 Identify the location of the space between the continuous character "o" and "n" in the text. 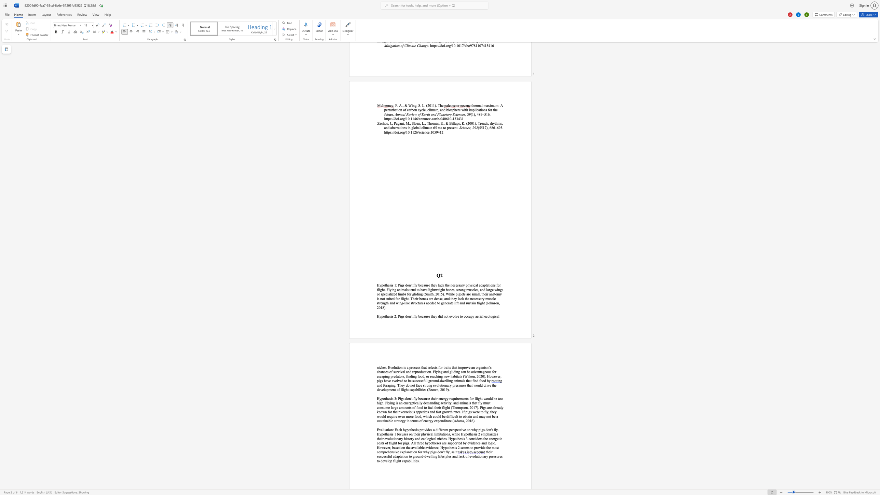
(400, 367).